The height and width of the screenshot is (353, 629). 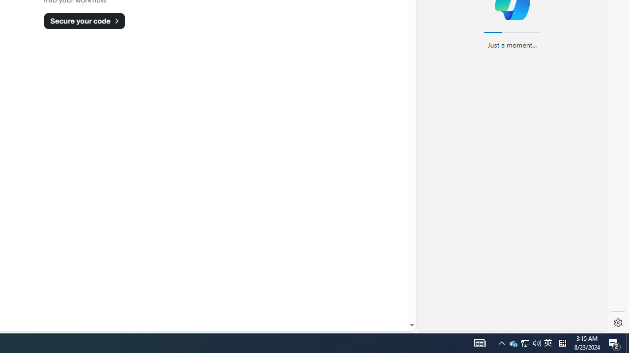 I want to click on 'Secure your code', so click(x=84, y=21).